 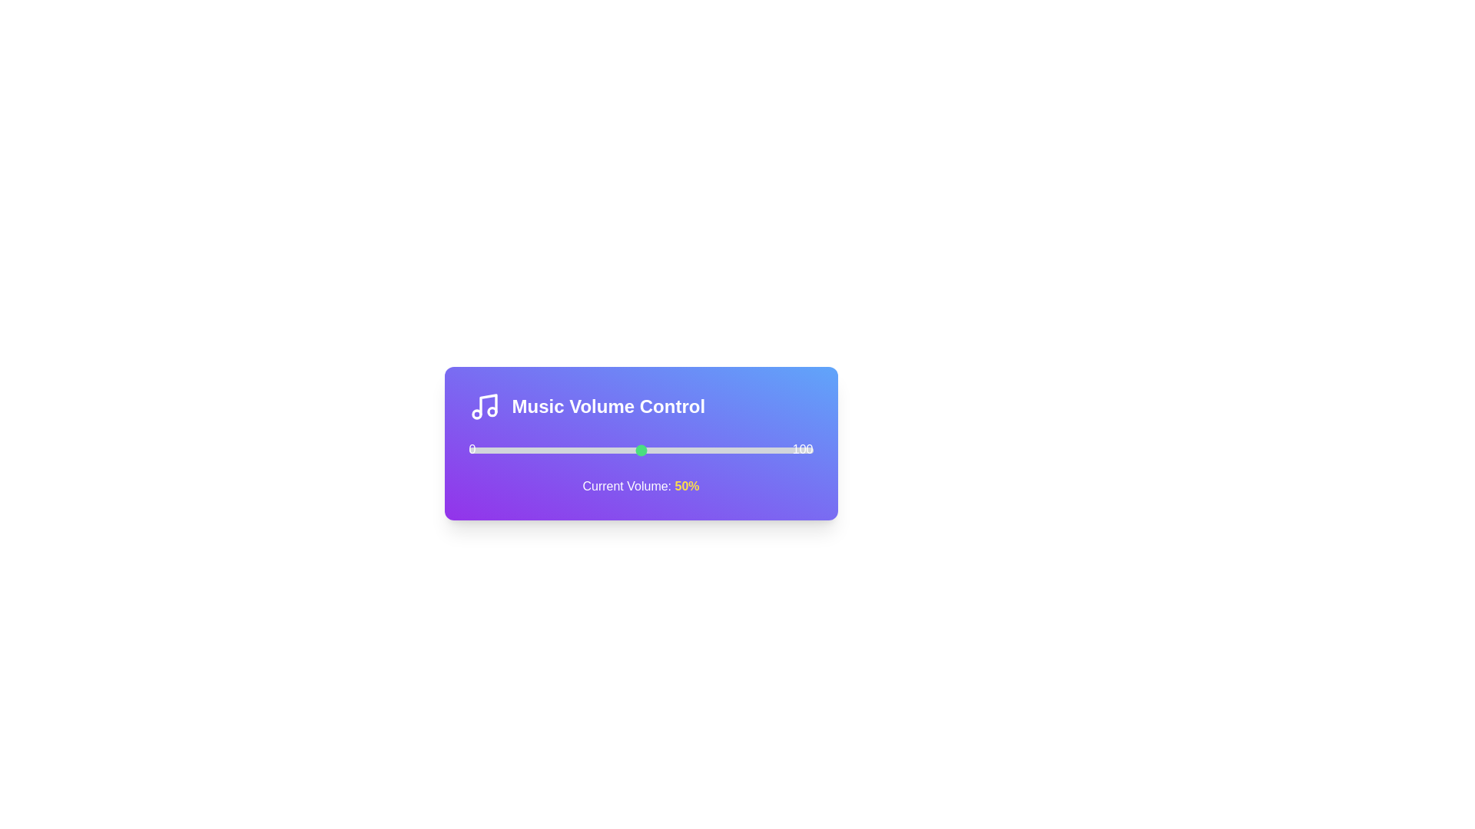 What do you see at coordinates (627, 449) in the screenshot?
I see `the volume to 46% by interacting with the slider` at bounding box center [627, 449].